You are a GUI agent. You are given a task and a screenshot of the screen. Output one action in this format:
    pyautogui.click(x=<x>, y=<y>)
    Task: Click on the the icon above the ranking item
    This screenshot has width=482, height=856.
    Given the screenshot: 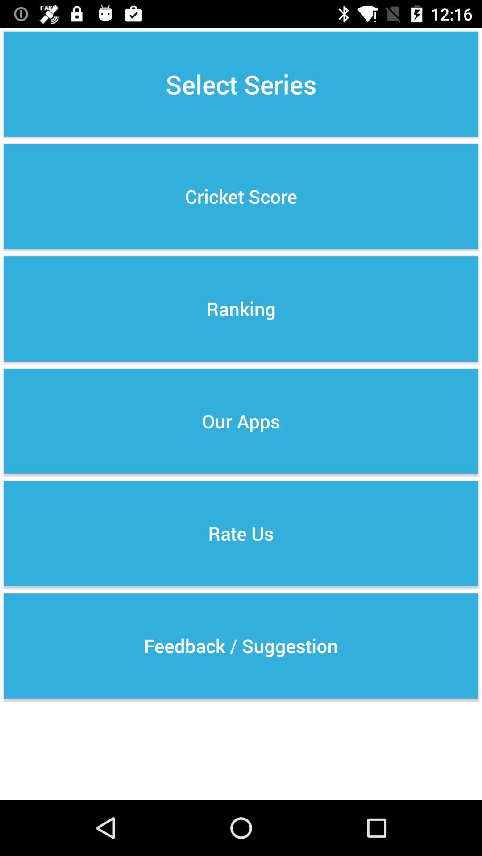 What is the action you would take?
    pyautogui.click(x=241, y=196)
    